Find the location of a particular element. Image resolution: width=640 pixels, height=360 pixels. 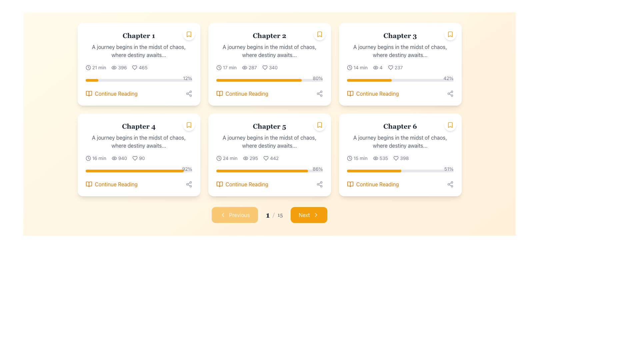

the orange book icon within the 'Continue Reading' section of the second card in the top row to trigger the additional effect or tooltip is located at coordinates (219, 94).